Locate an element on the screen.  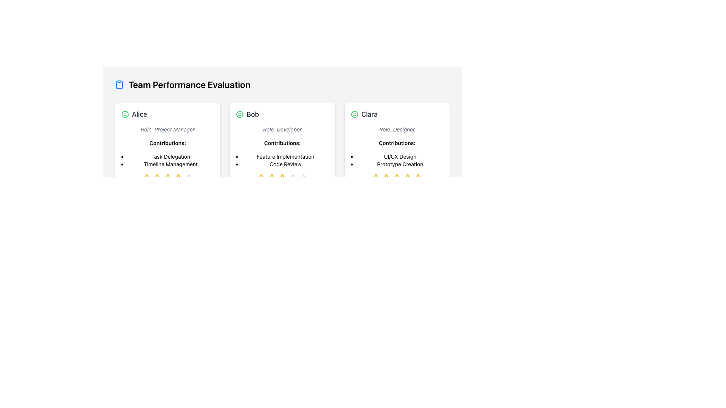
the third star-shaped interactive rating icon in yellow under the section titled 'Bob' is located at coordinates (272, 179).